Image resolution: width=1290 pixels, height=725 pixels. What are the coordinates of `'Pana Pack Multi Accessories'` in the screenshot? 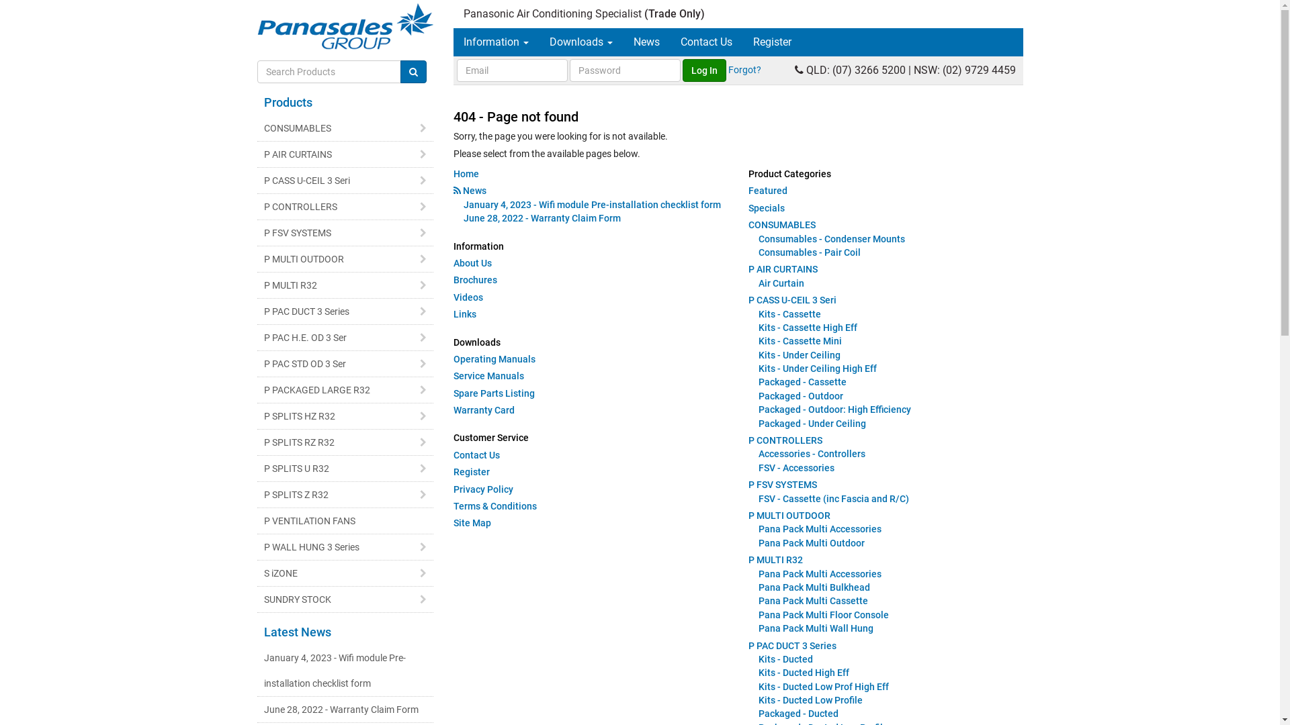 It's located at (819, 574).